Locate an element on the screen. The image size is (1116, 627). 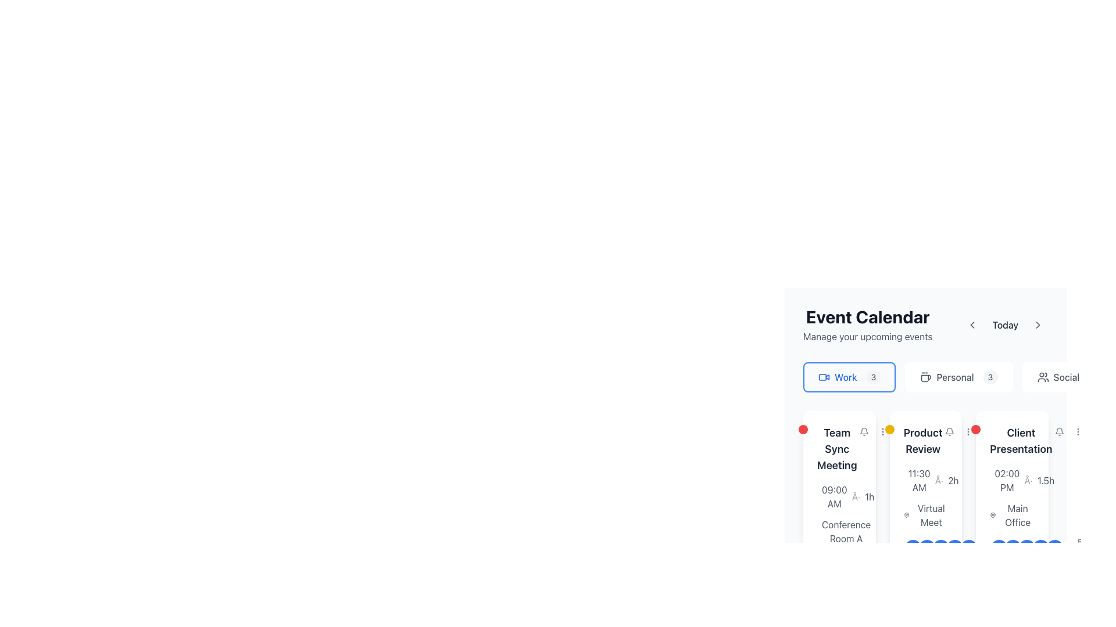
the 'Main Office' label that is styled in gray and is accompanied by a map pin icon, located within the 'Client Presentation' card is located at coordinates (1011, 514).